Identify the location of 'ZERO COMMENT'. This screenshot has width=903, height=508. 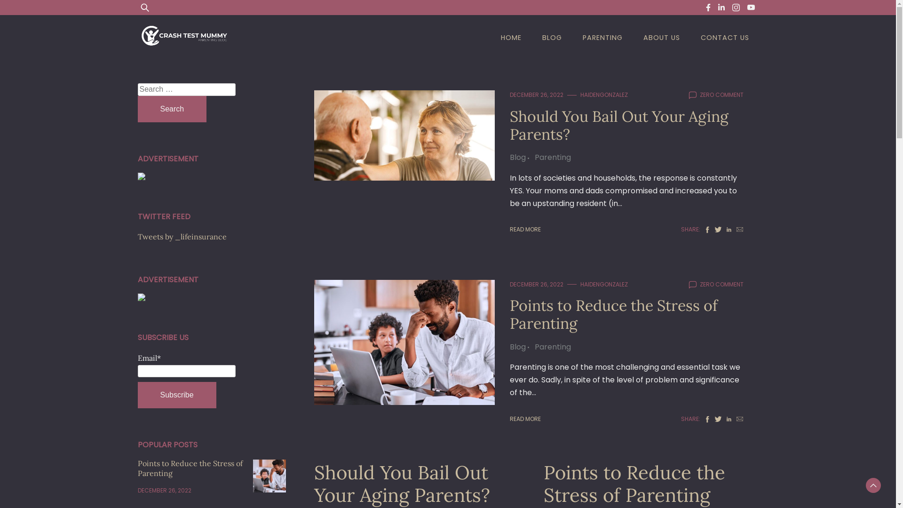
(721, 95).